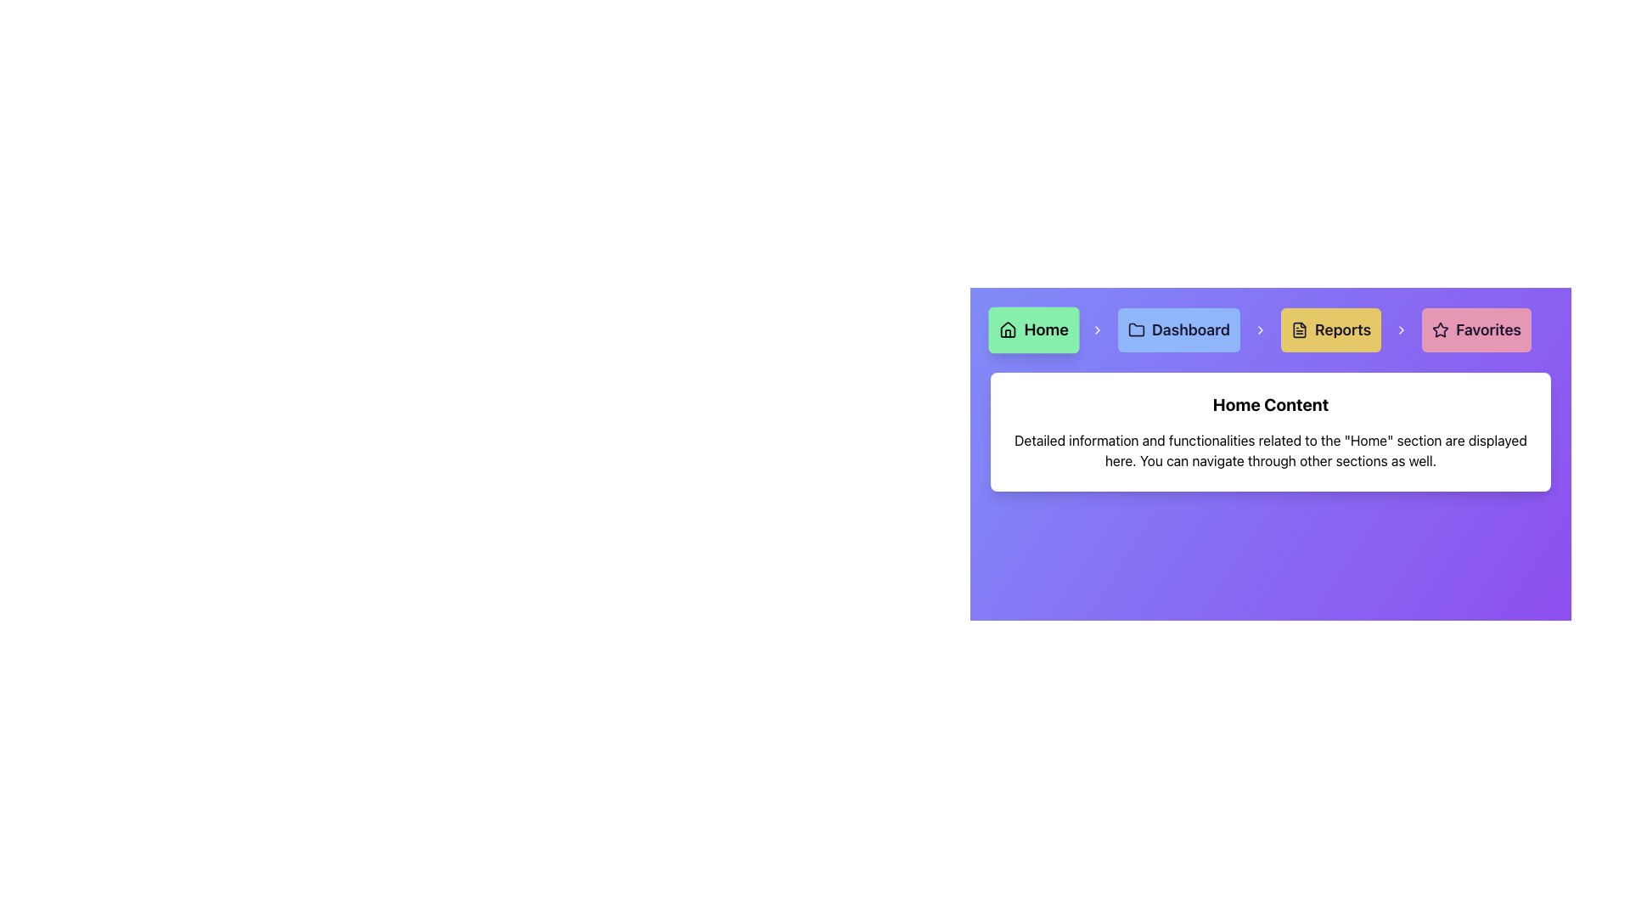 Image resolution: width=1630 pixels, height=917 pixels. What do you see at coordinates (1271, 330) in the screenshot?
I see `the Navigation Bar located at the top of the interface` at bounding box center [1271, 330].